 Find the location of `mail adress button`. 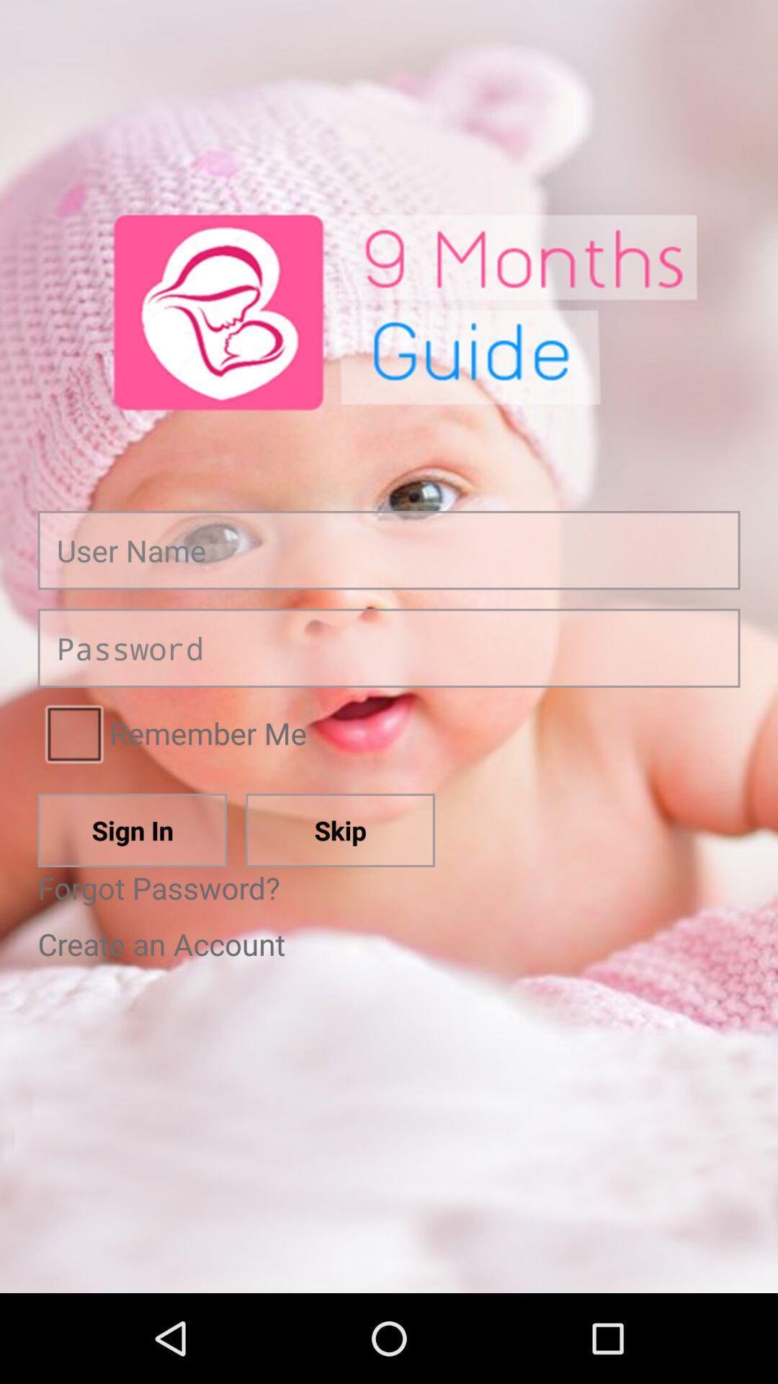

mail adress button is located at coordinates (389, 549).